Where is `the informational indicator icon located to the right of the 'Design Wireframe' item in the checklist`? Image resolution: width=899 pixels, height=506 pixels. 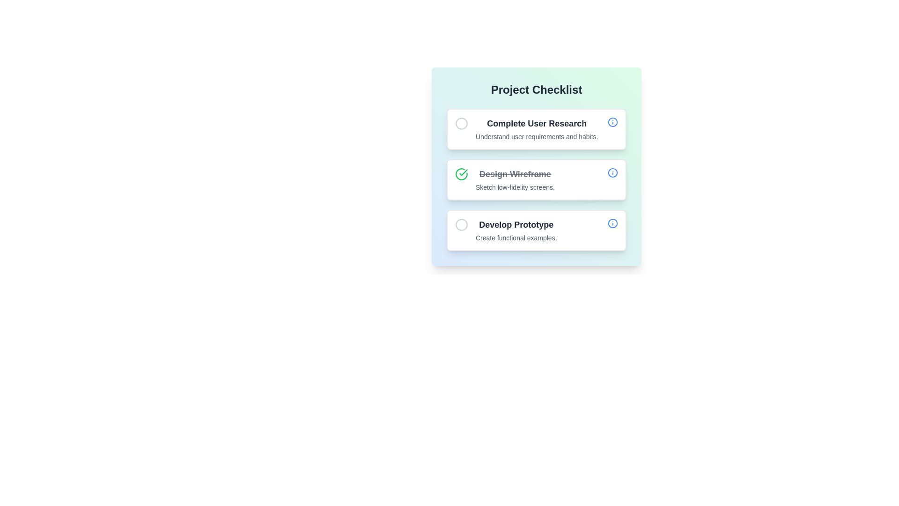
the informational indicator icon located to the right of the 'Design Wireframe' item in the checklist is located at coordinates (613, 173).